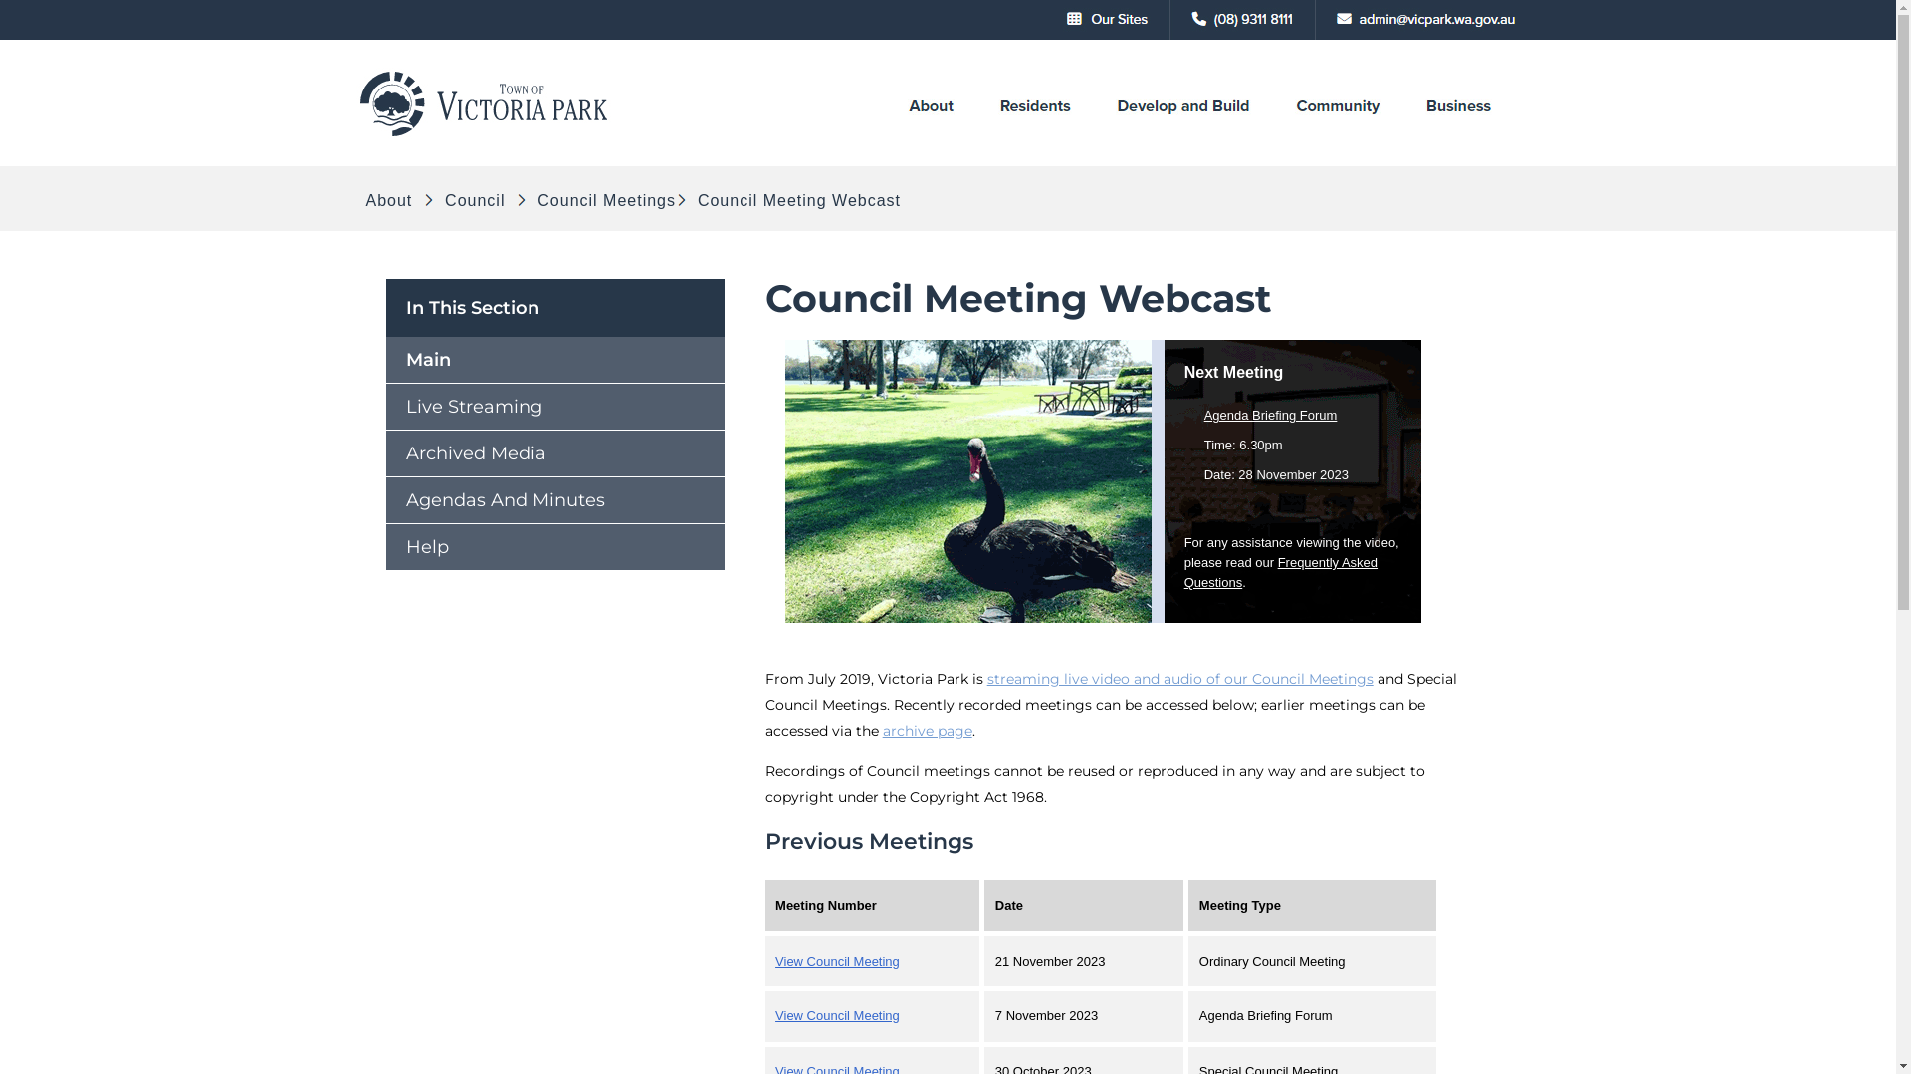  Describe the element at coordinates (926, 731) in the screenshot. I see `'archive page'` at that location.